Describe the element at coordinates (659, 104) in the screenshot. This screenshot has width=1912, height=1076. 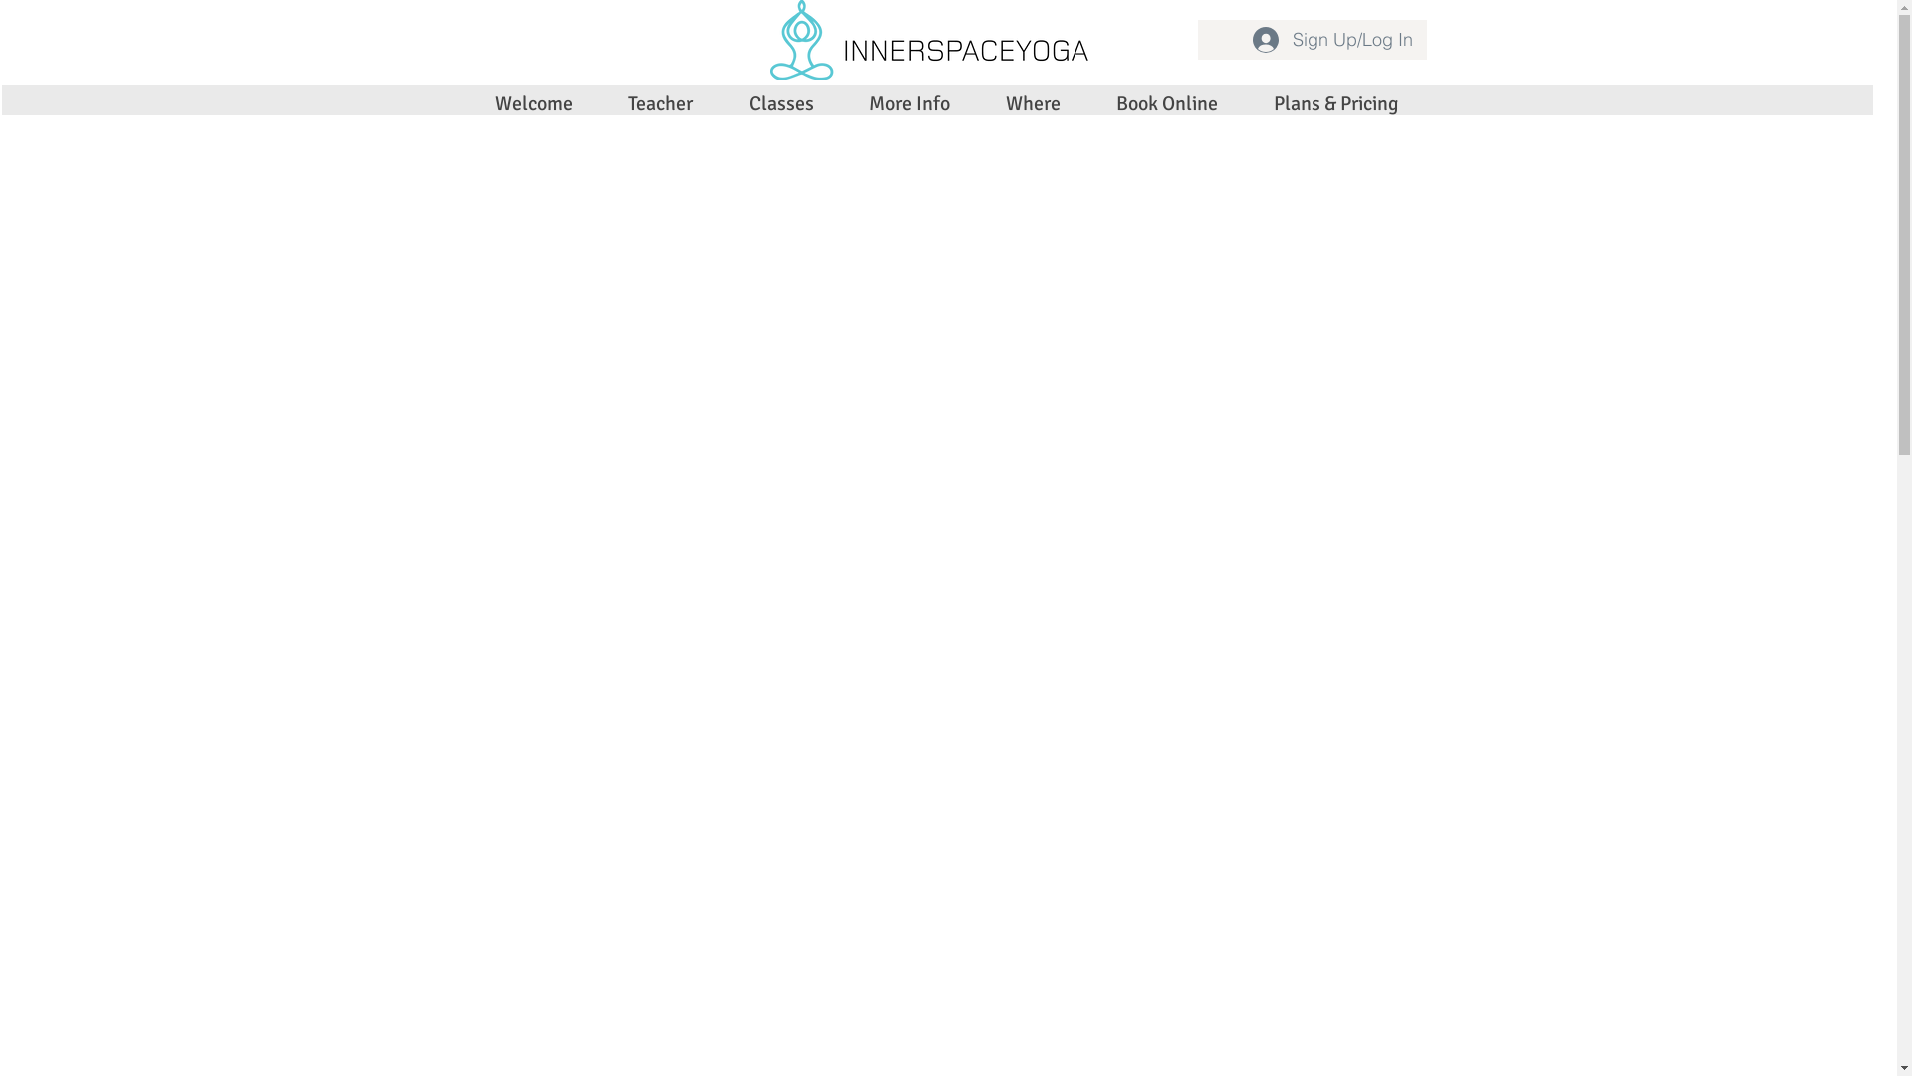
I see `'Teacher'` at that location.